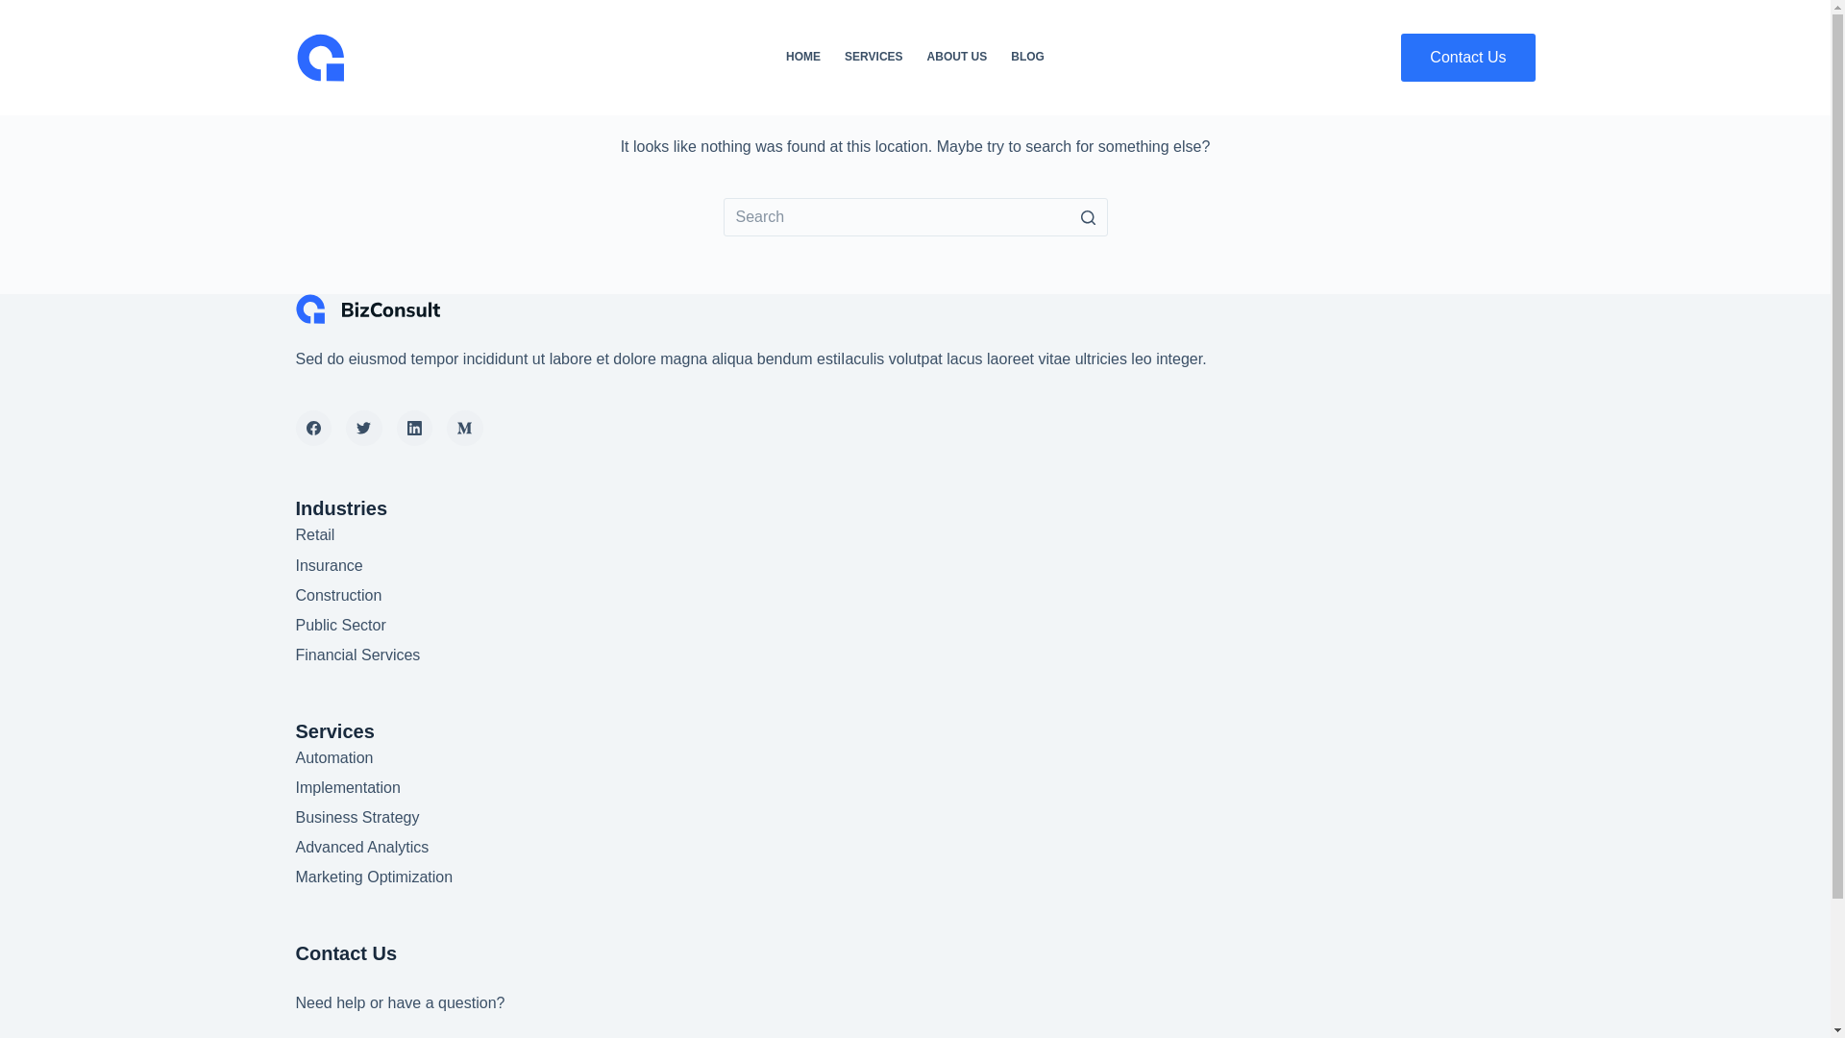 The height and width of the screenshot is (1038, 1845). I want to click on 'Implementation', so click(348, 787).